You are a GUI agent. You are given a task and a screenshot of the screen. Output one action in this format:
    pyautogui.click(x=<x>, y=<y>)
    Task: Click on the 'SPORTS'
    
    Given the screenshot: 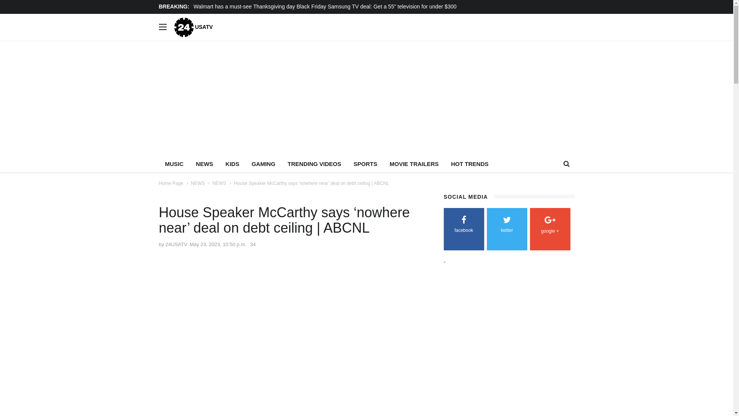 What is the action you would take?
    pyautogui.click(x=365, y=163)
    